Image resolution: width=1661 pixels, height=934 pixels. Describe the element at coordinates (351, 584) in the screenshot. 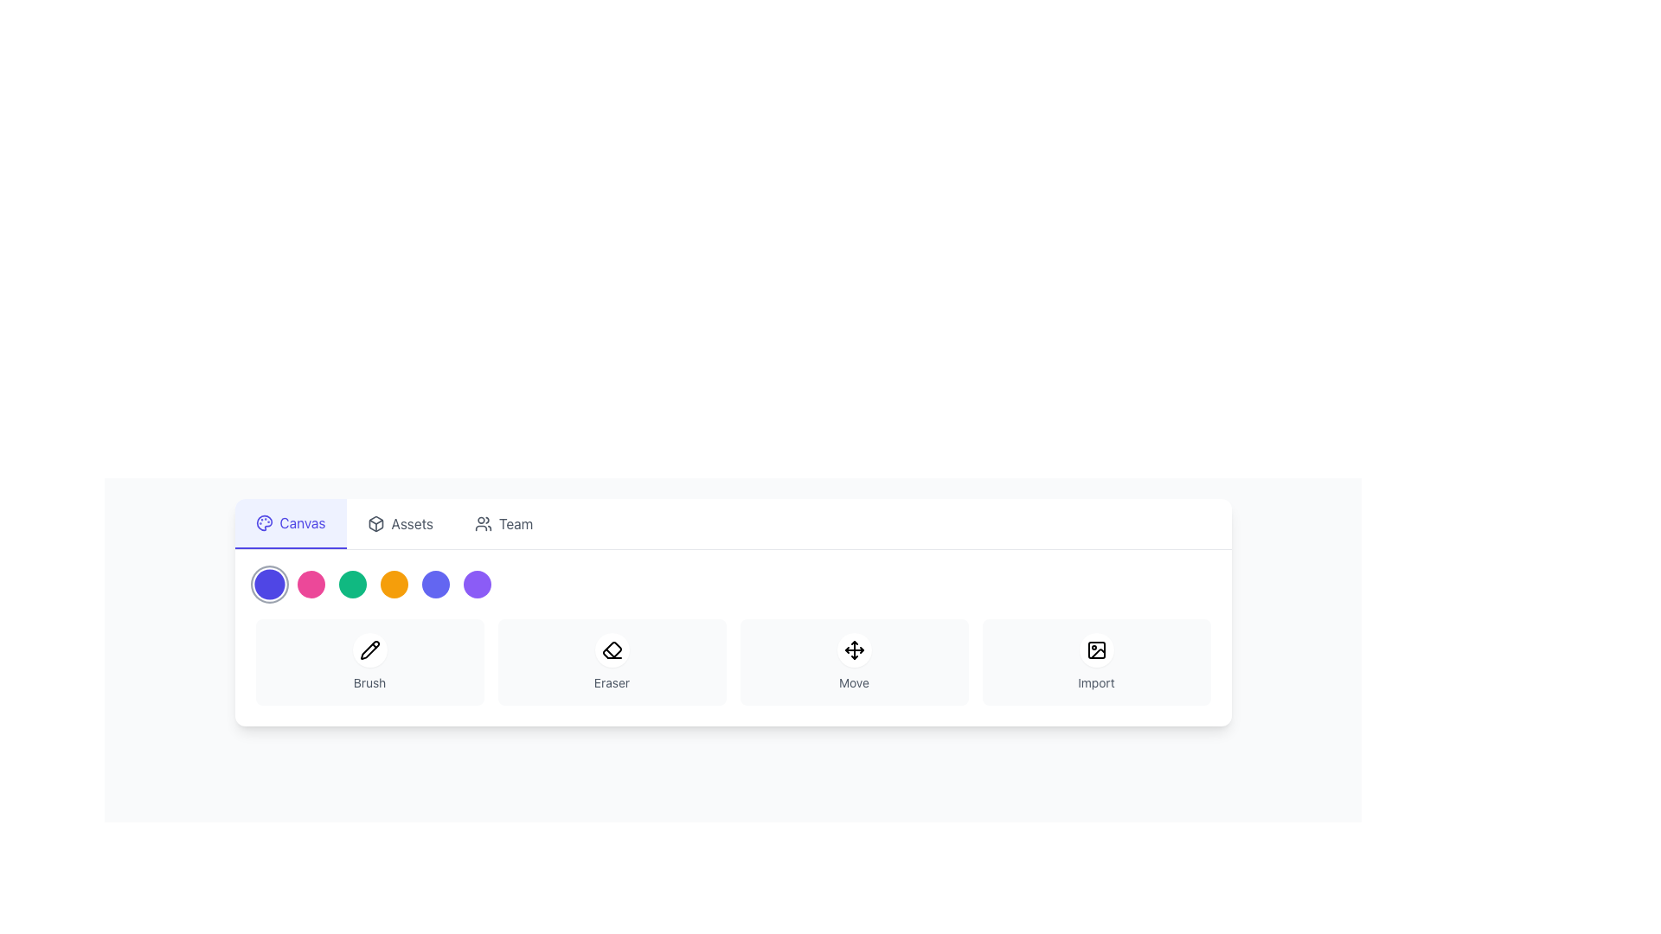

I see `the circular green button located below the main navigation tabs` at that location.